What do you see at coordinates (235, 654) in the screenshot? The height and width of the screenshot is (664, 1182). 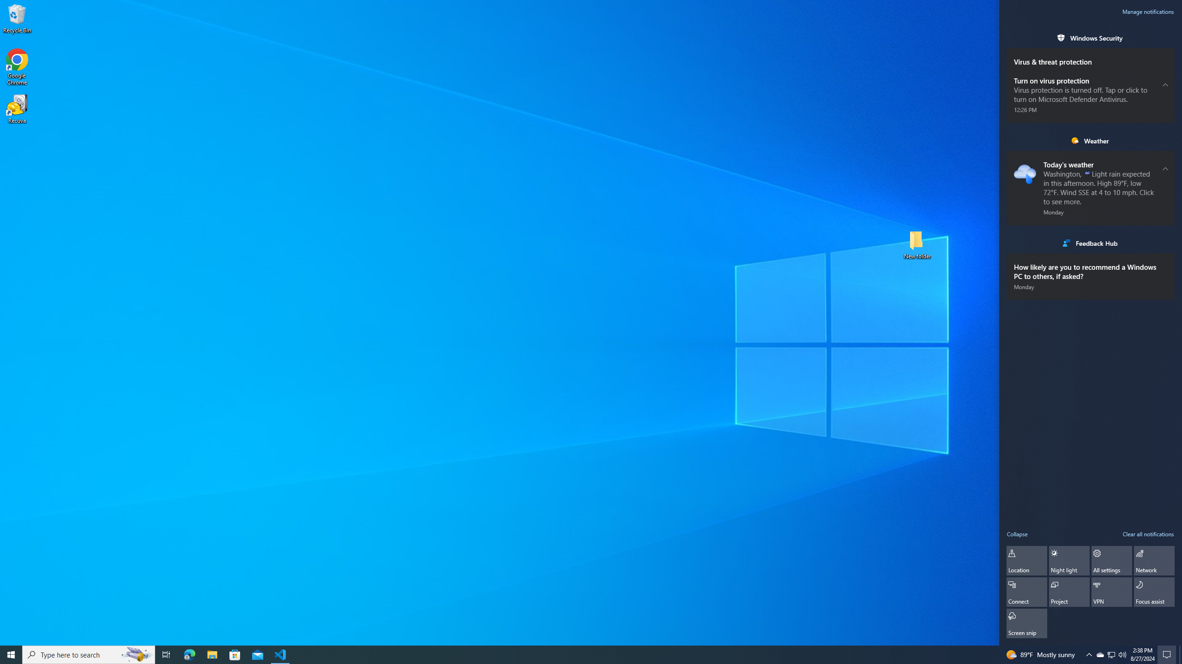 I see `'Microsoft Store'` at bounding box center [235, 654].